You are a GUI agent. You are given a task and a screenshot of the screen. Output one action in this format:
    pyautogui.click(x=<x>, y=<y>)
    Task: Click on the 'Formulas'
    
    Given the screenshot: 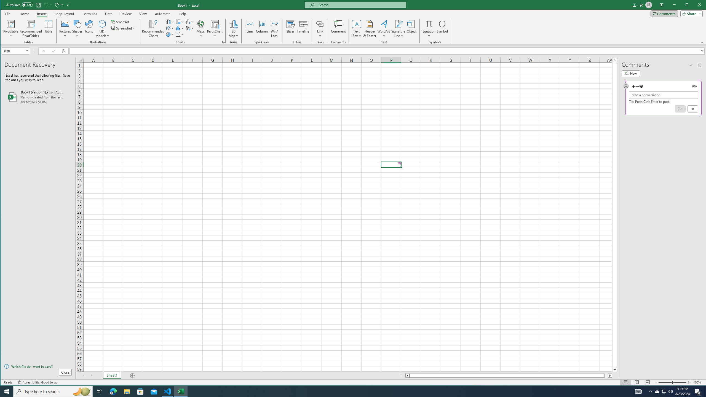 What is the action you would take?
    pyautogui.click(x=90, y=14)
    